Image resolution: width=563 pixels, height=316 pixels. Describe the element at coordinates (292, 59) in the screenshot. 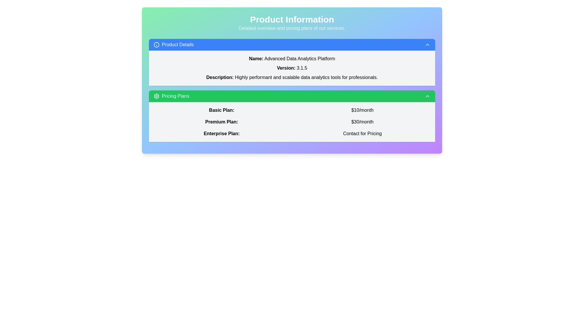

I see `the text label displaying the product name, which is positioned directly beneath the 'Product Details' title and above 'Version: 3.1.5'` at that location.